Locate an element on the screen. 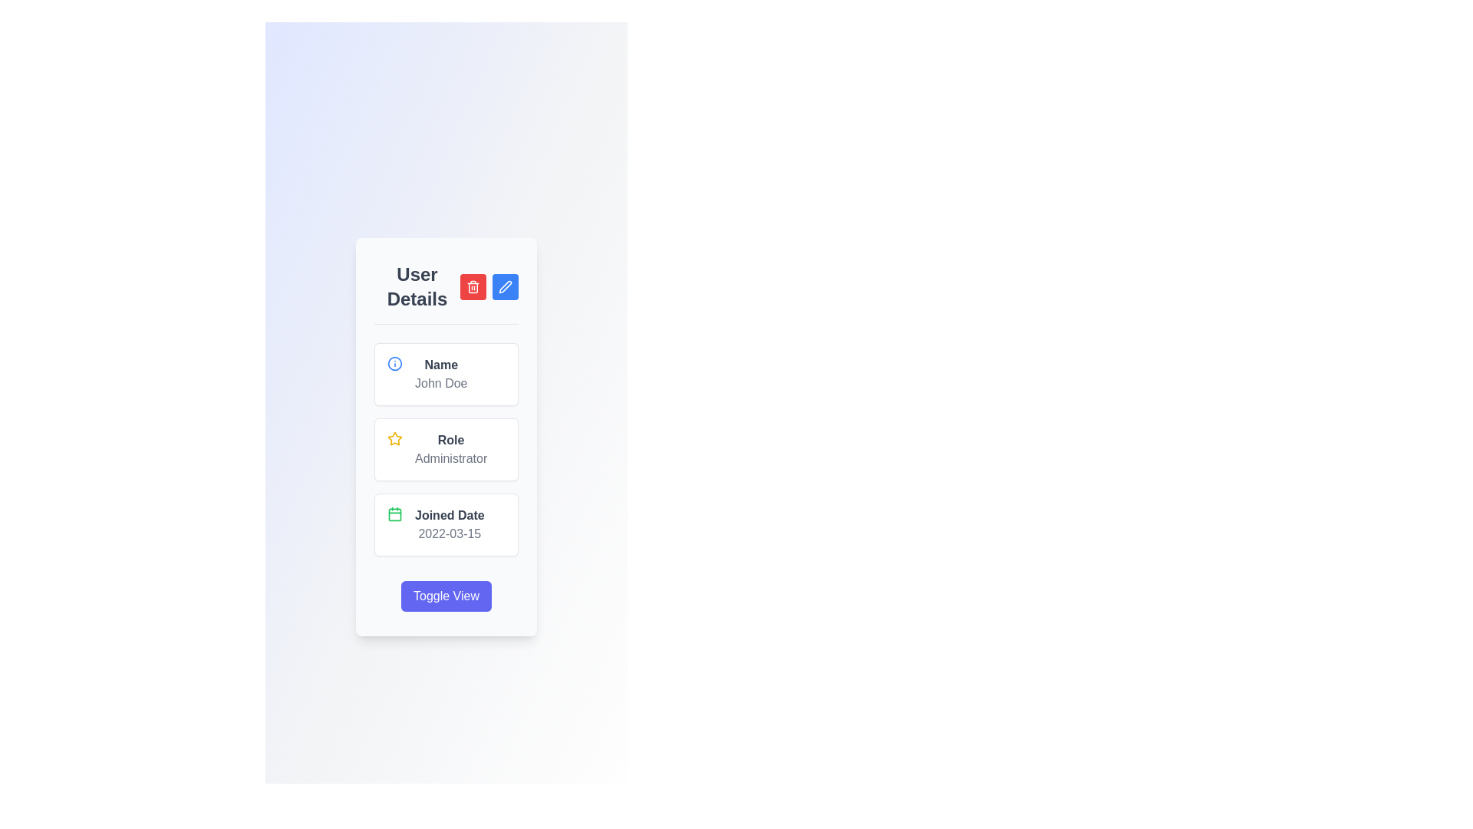 The image size is (1473, 829). the edit icon, which is a blue square button located to the right of a red trash icon in the card header's right corner is located at coordinates (505, 286).